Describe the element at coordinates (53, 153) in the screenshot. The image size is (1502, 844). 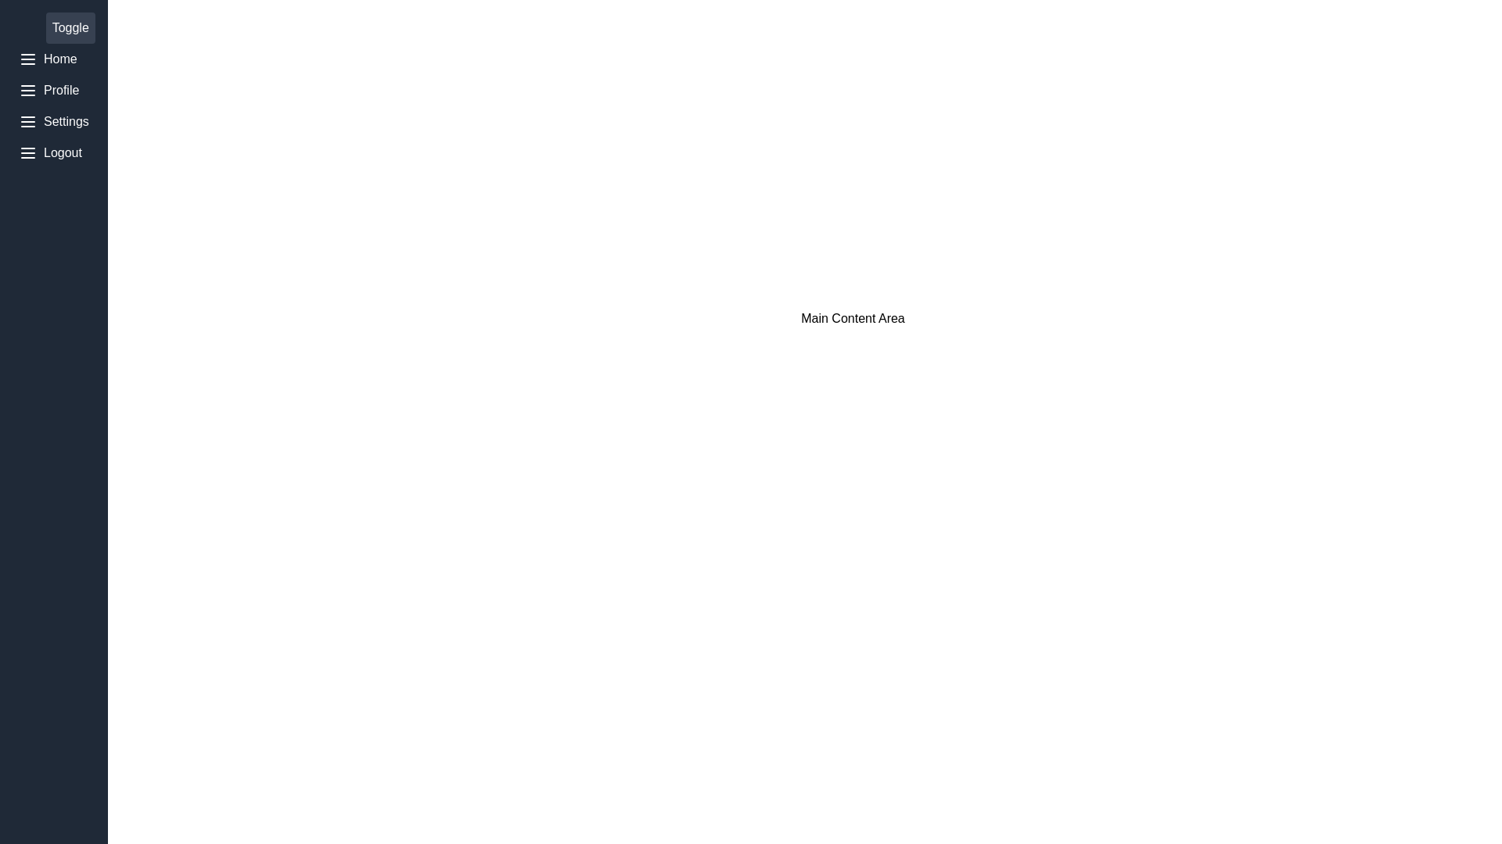
I see `the menu item Logout to inspect its icon` at that location.